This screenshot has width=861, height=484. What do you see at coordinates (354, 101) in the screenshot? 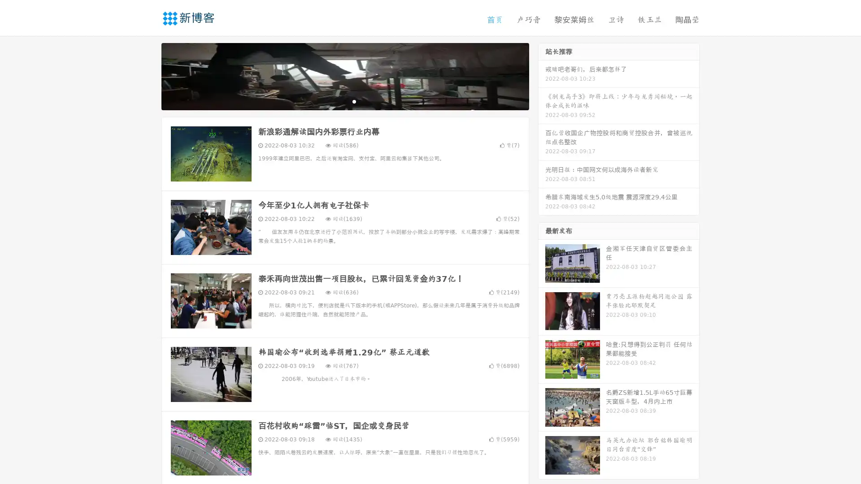
I see `Go to slide 3` at bounding box center [354, 101].